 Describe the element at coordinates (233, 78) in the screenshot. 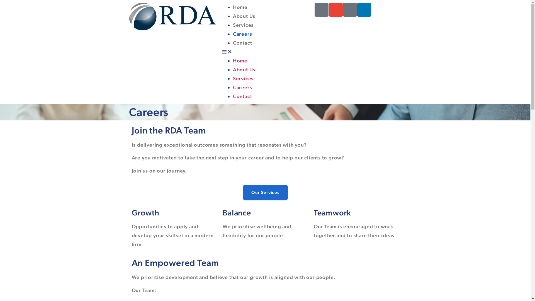

I see `'Services'` at that location.